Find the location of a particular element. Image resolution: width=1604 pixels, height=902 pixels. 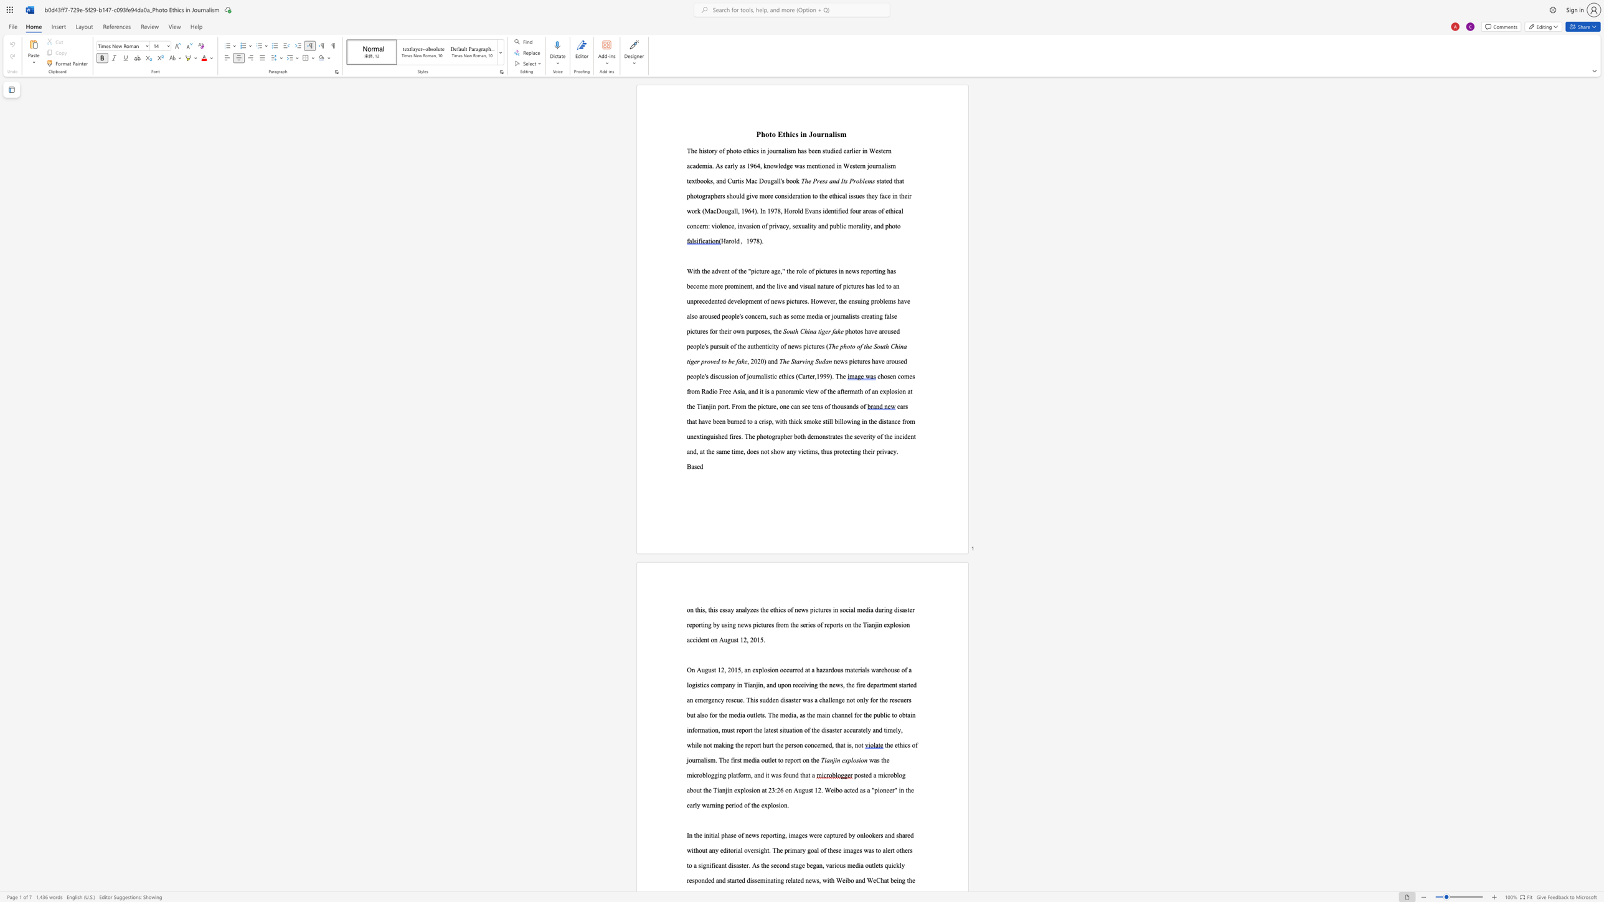

the subset text "the authenti" within the text "photos have aroused people" is located at coordinates (737, 345).